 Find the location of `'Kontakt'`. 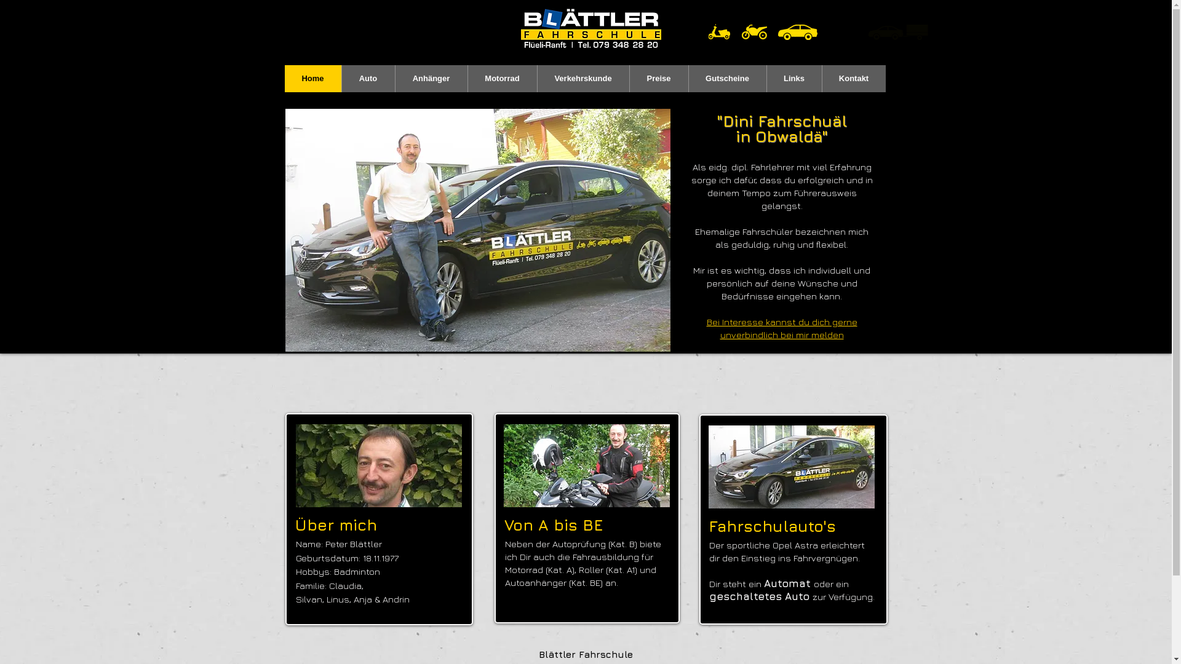

'Kontakt' is located at coordinates (853, 78).